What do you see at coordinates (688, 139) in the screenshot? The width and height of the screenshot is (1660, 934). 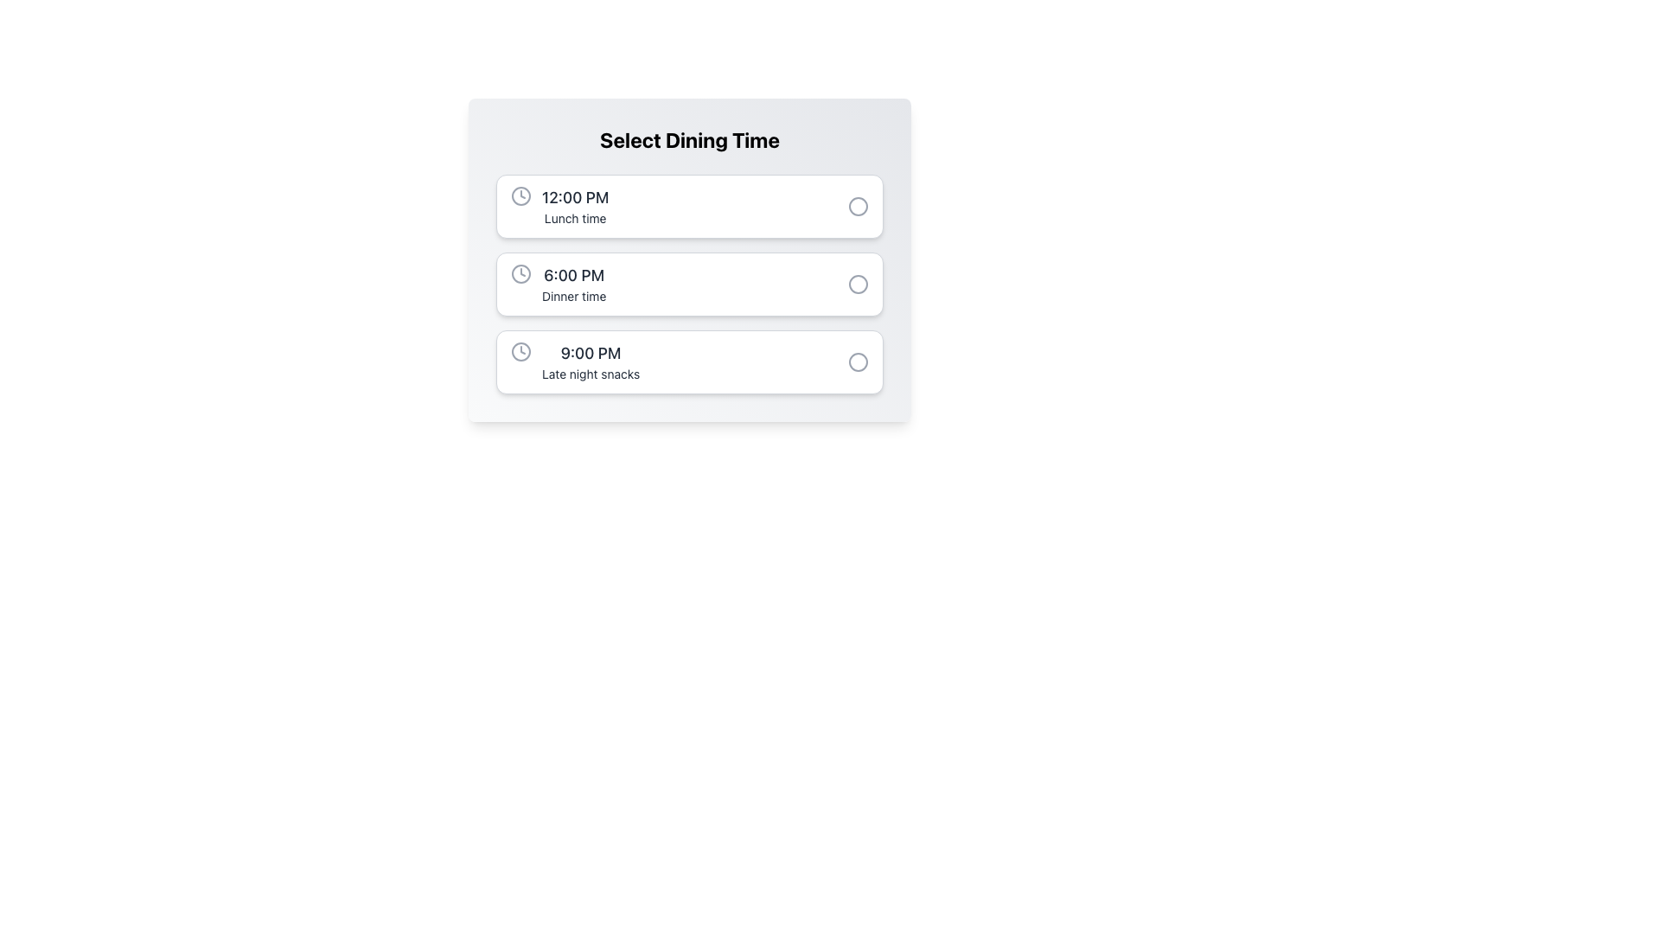 I see `the heading element at the top of the card that indicates the content or purpose of the section below, which includes dining time options` at bounding box center [688, 139].